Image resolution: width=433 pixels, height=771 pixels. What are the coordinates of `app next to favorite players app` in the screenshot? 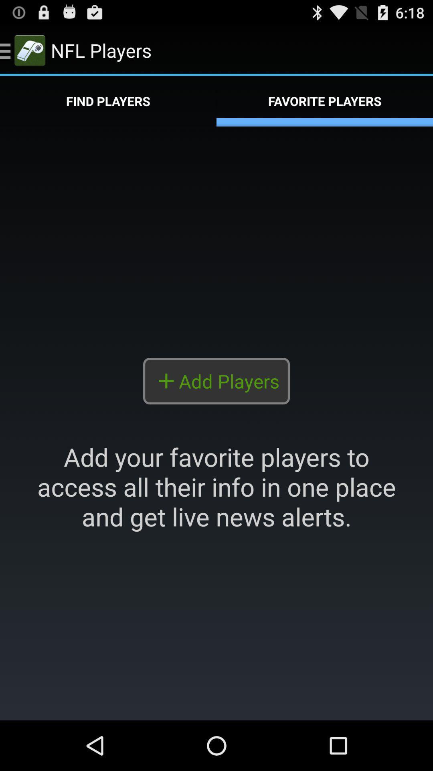 It's located at (108, 101).